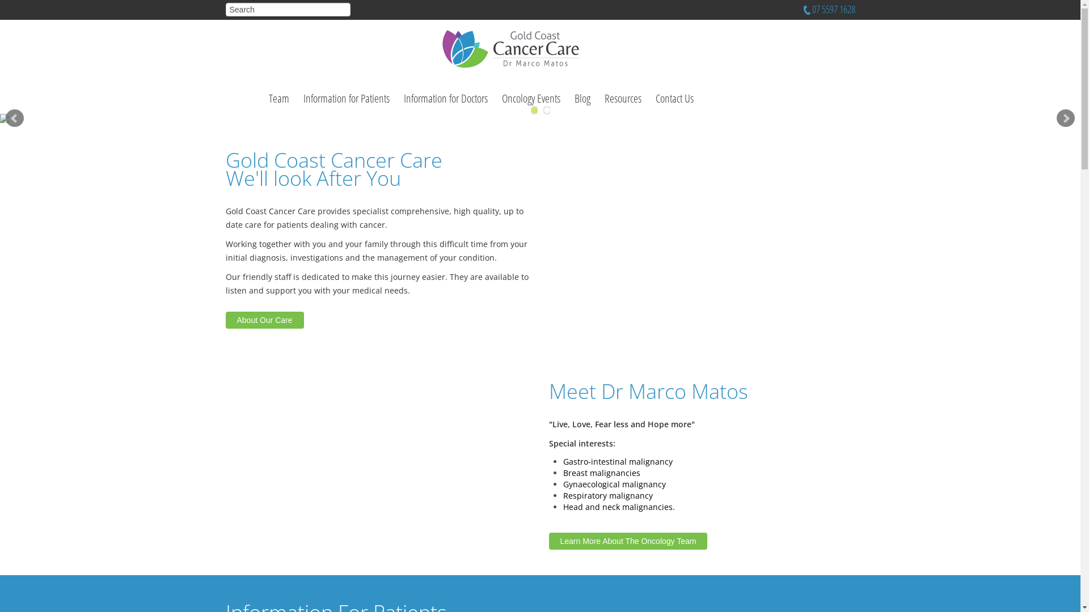  I want to click on 'Information for Patients', so click(345, 97).